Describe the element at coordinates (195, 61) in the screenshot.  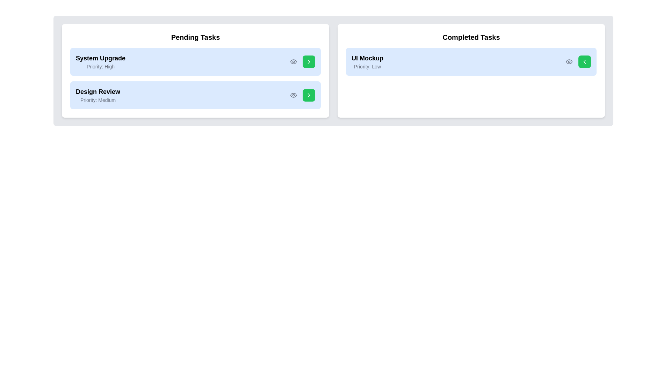
I see `the task 'System Upgrade' to highlight it` at that location.